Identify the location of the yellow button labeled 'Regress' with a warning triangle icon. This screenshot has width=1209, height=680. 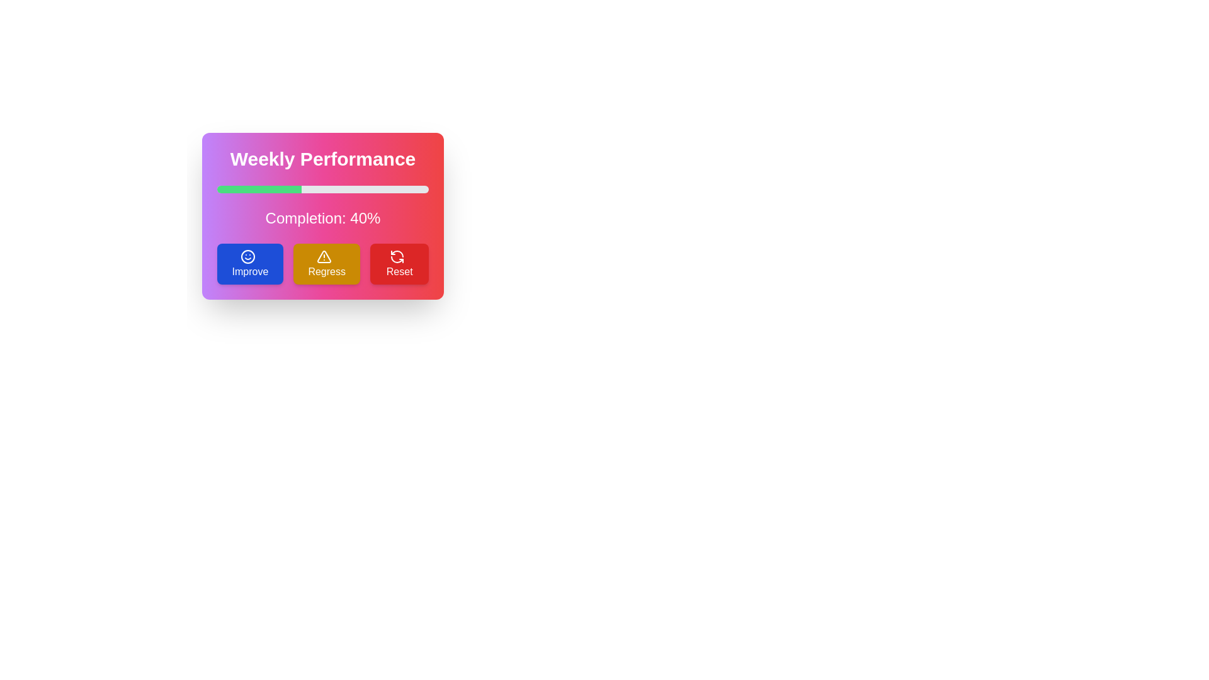
(327, 263).